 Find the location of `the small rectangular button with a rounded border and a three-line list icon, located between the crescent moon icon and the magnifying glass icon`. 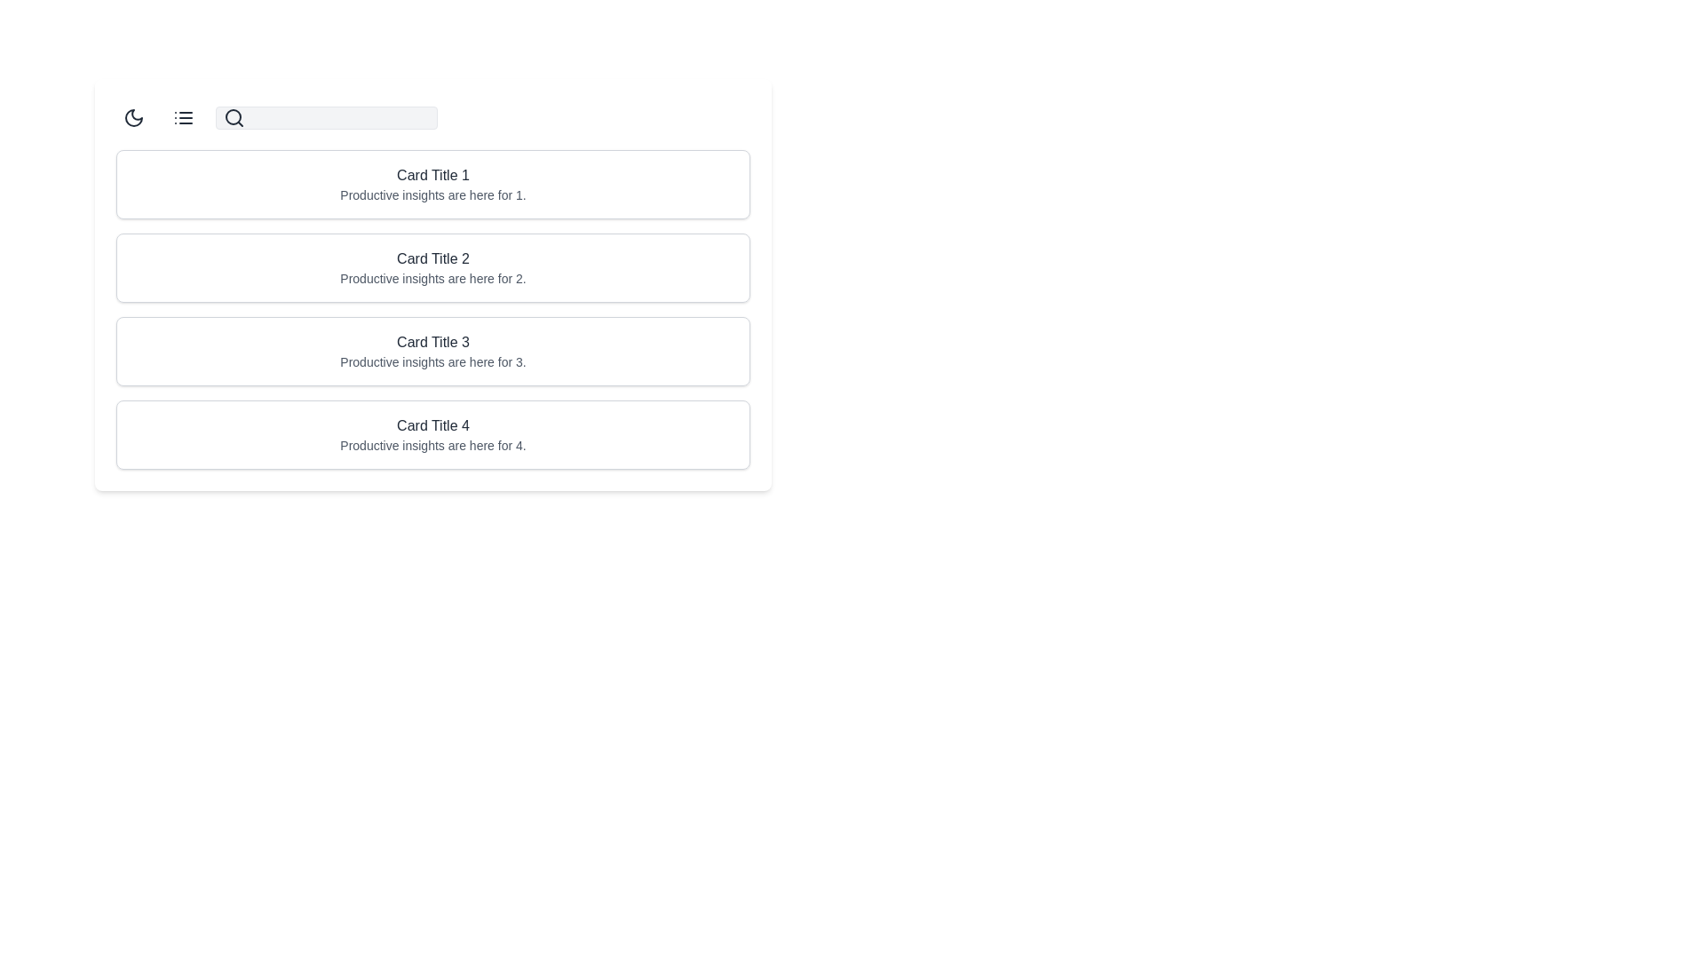

the small rectangular button with a rounded border and a three-line list icon, located between the crescent moon icon and the magnifying glass icon is located at coordinates (183, 117).